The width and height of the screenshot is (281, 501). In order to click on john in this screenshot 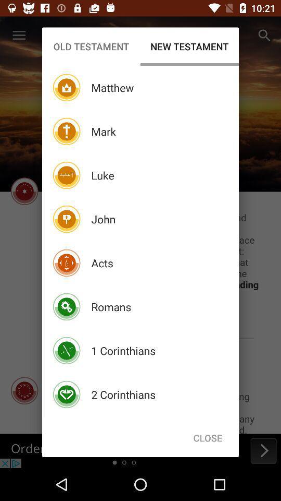, I will do `click(103, 219)`.